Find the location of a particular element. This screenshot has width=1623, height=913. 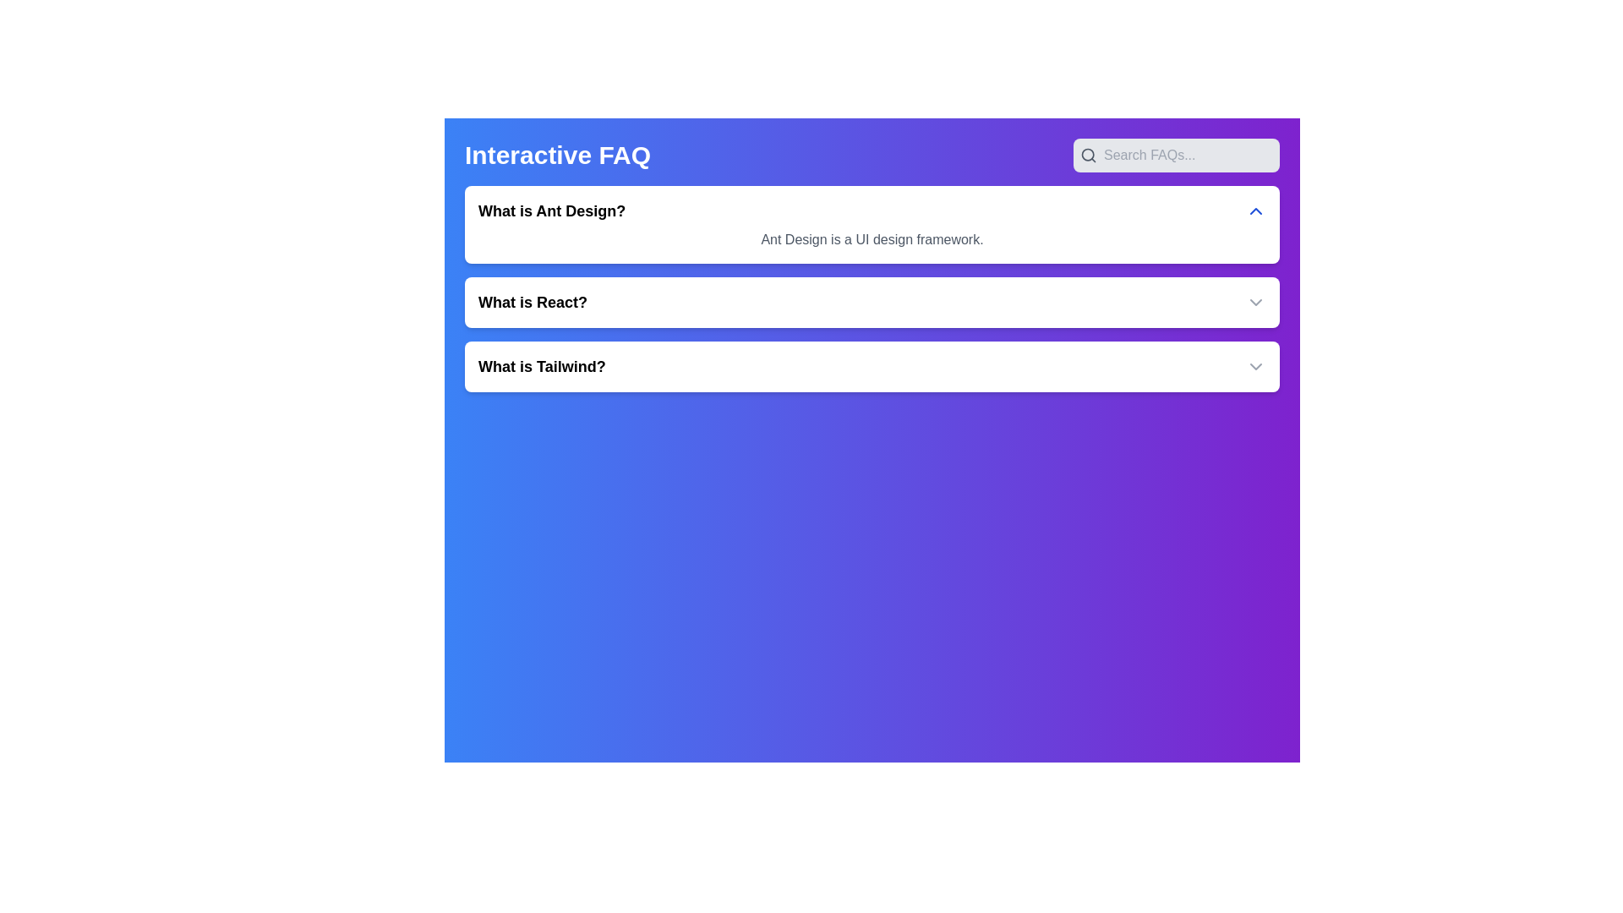

the upward-pointing blue chevron icon located in the header of the first FAQ item titled 'What is Ant Design?' is located at coordinates (1256, 210).